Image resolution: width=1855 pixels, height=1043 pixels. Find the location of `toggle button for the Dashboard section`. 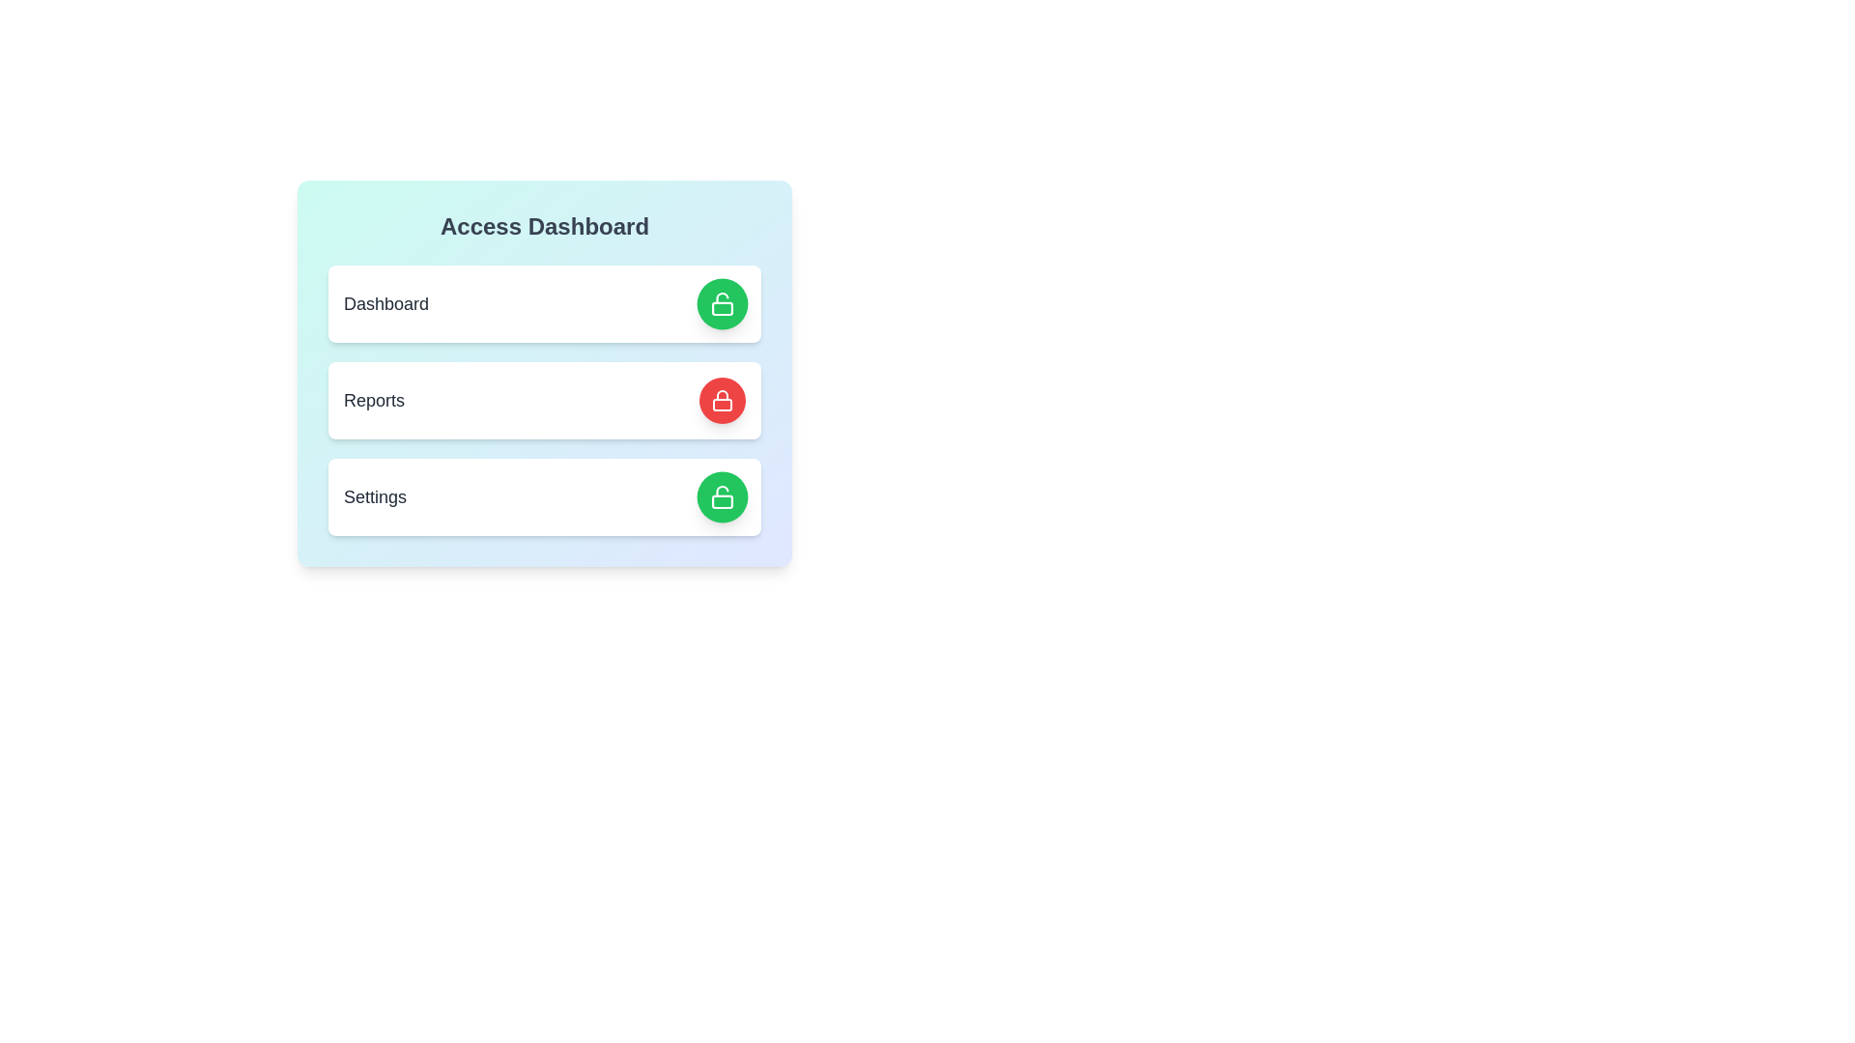

toggle button for the Dashboard section is located at coordinates (722, 304).